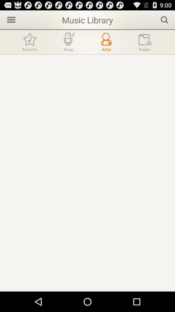 The image size is (175, 312). Describe the element at coordinates (10, 19) in the screenshot. I see `icon to the left of music library item` at that location.